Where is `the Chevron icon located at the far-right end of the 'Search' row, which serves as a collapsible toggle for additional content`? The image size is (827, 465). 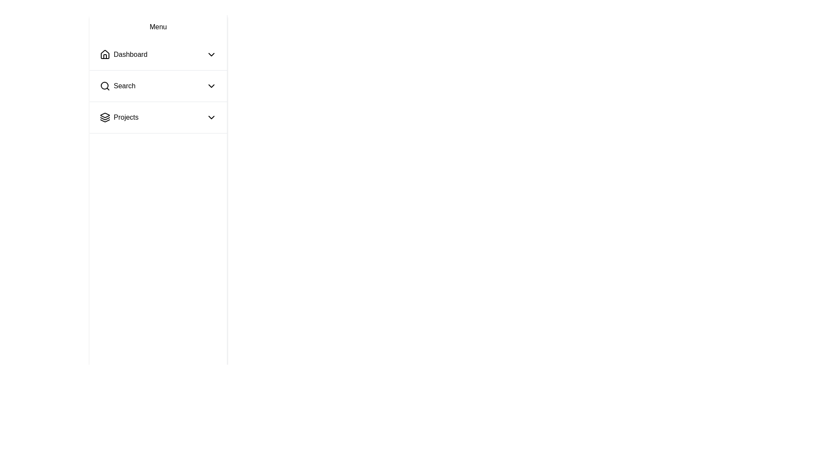 the Chevron icon located at the far-right end of the 'Search' row, which serves as a collapsible toggle for additional content is located at coordinates (211, 86).